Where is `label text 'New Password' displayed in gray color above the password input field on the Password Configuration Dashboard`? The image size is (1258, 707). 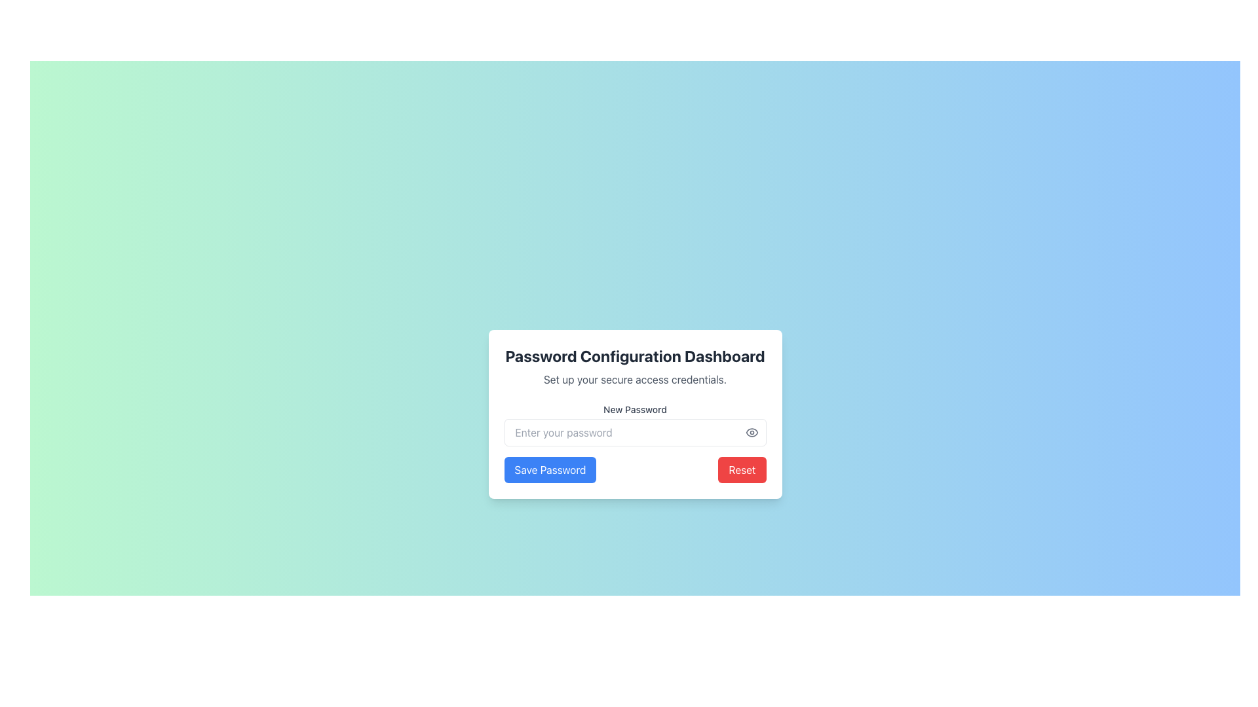 label text 'New Password' displayed in gray color above the password input field on the Password Configuration Dashboard is located at coordinates (635, 408).